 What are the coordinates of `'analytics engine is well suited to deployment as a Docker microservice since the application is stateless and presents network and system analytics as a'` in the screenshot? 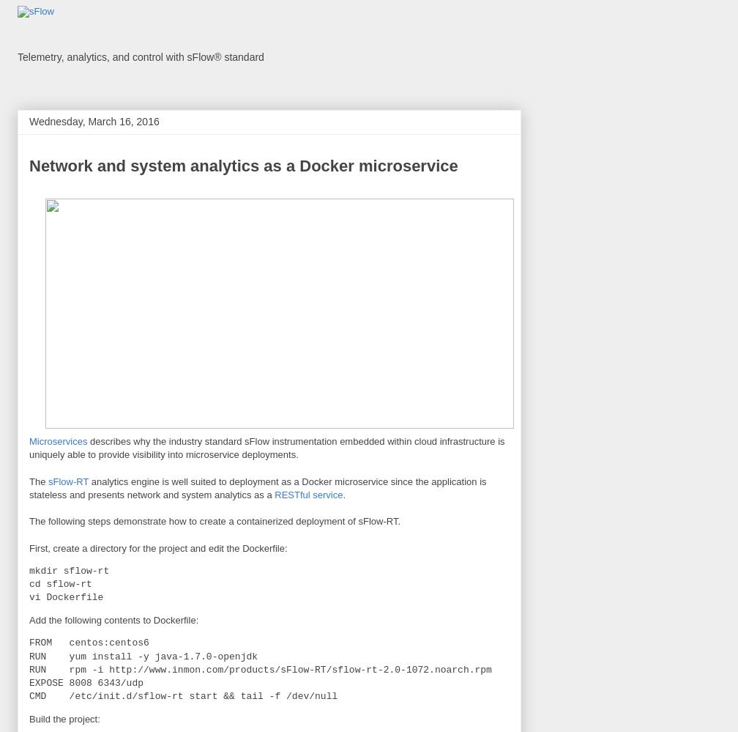 It's located at (257, 487).